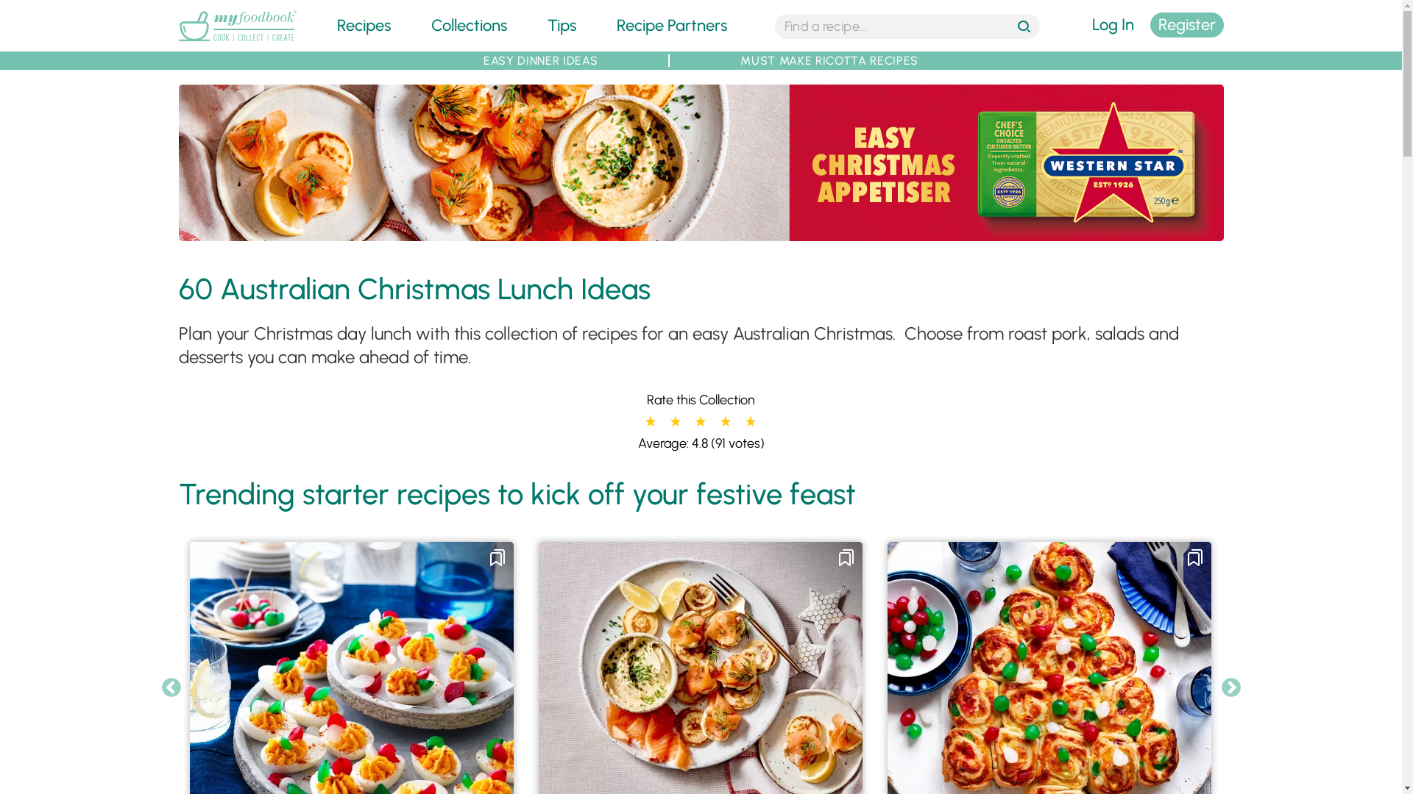  Describe the element at coordinates (16, 8) in the screenshot. I see `'Rate'` at that location.